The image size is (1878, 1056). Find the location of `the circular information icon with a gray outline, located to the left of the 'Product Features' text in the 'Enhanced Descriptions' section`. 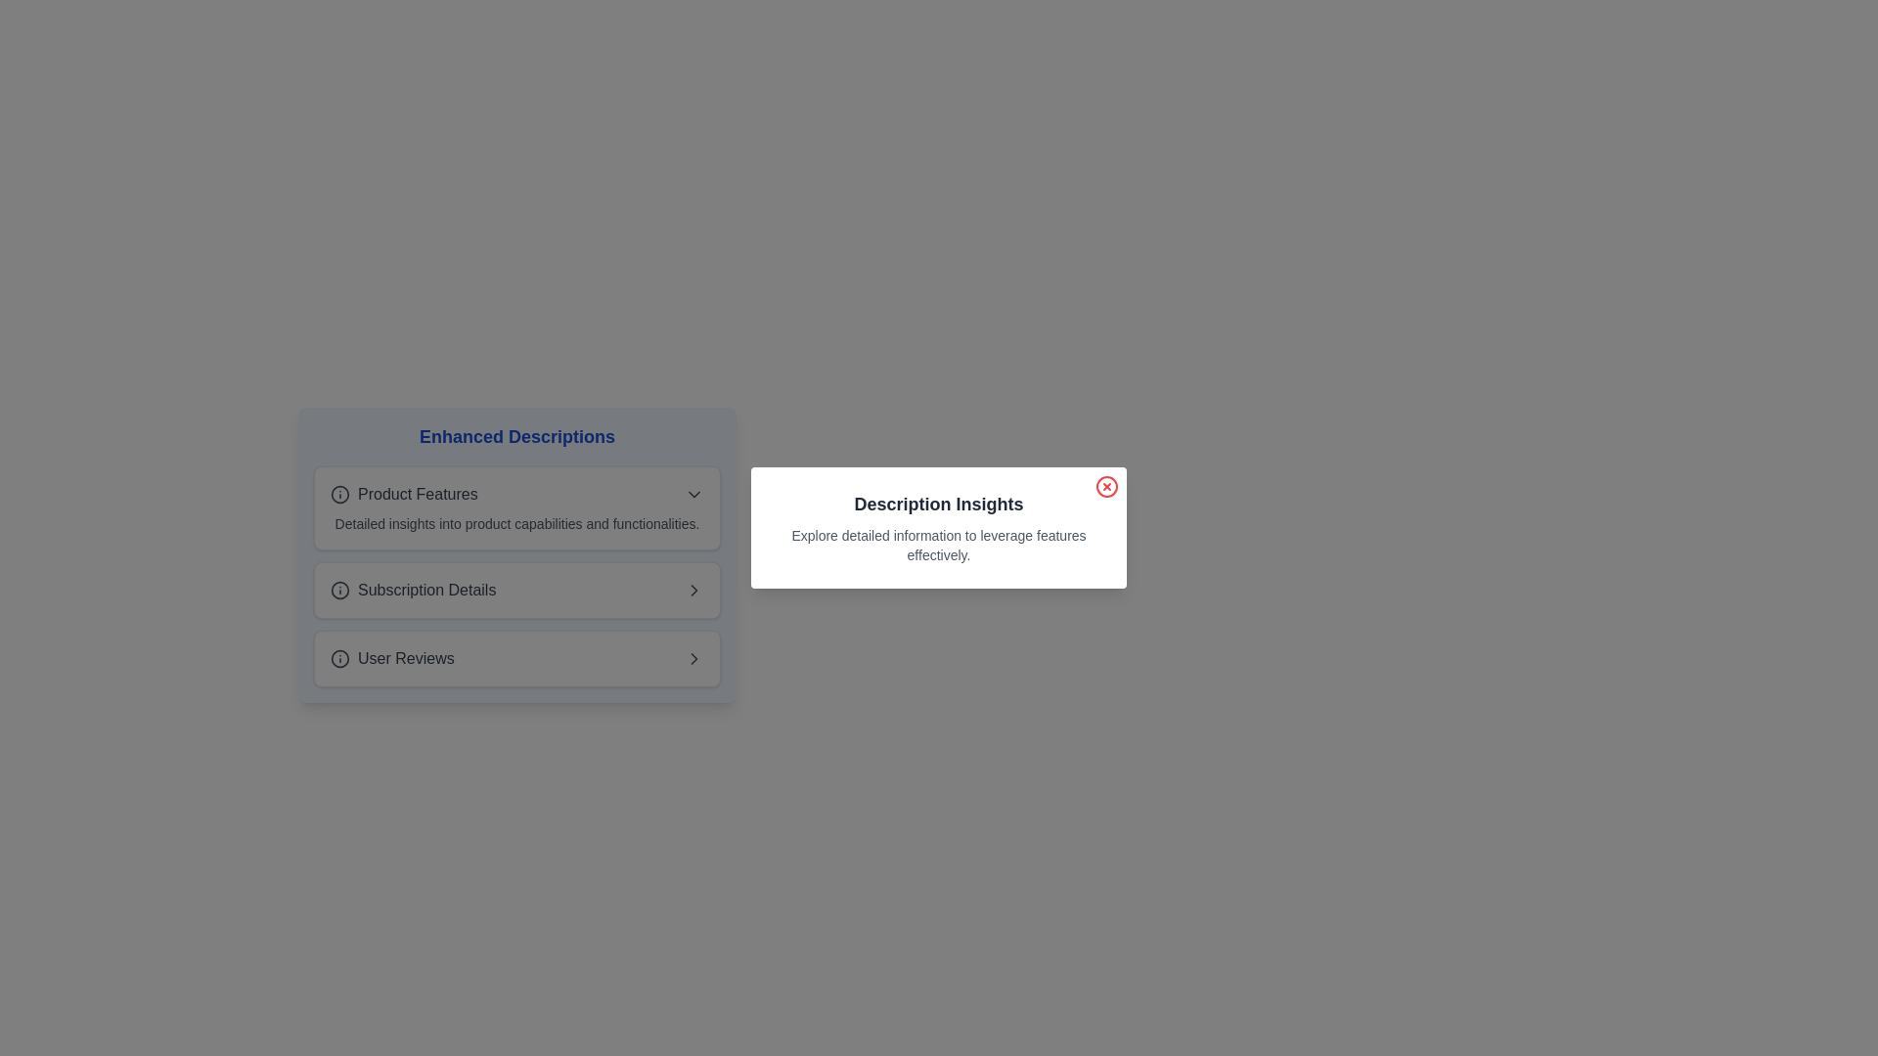

the circular information icon with a gray outline, located to the left of the 'Product Features' text in the 'Enhanced Descriptions' section is located at coordinates (339, 493).